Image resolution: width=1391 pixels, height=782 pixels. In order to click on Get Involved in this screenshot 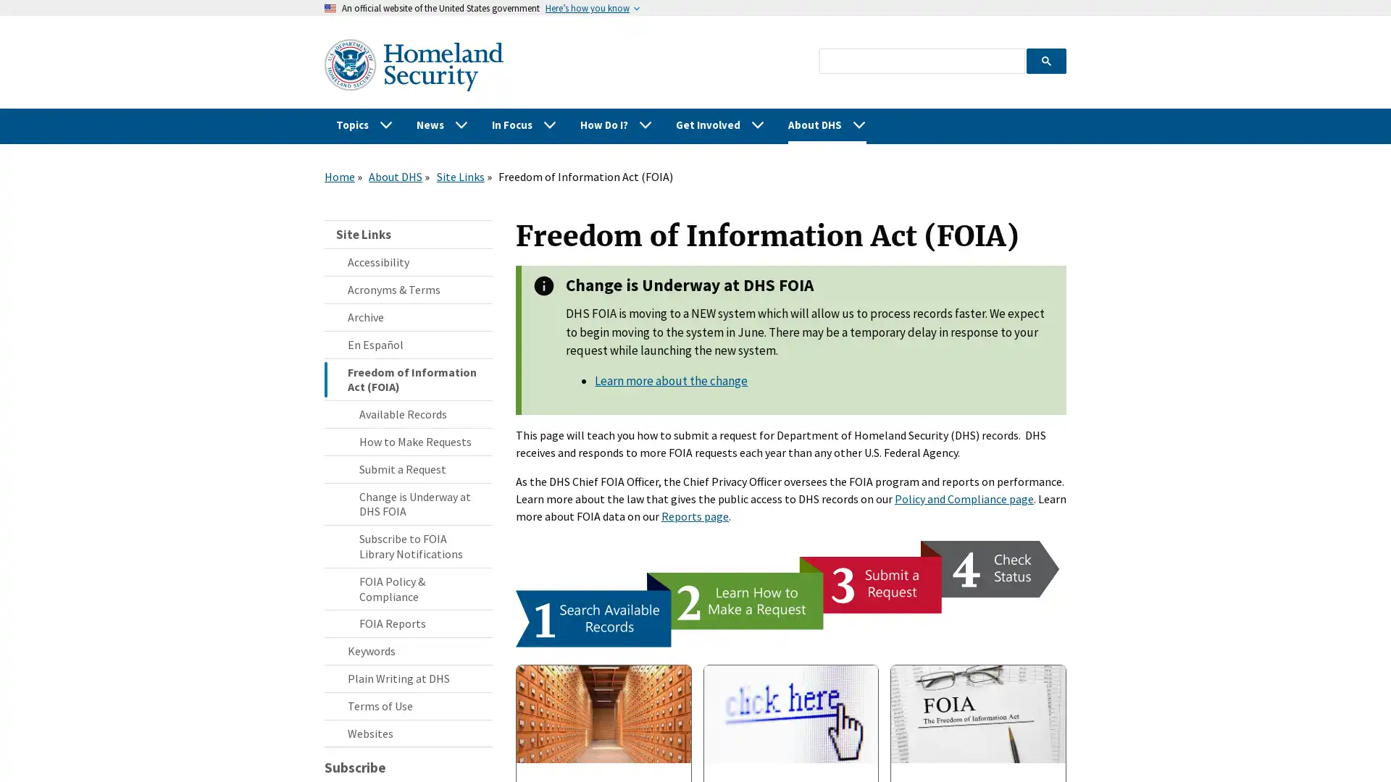, I will do `click(720, 124)`.